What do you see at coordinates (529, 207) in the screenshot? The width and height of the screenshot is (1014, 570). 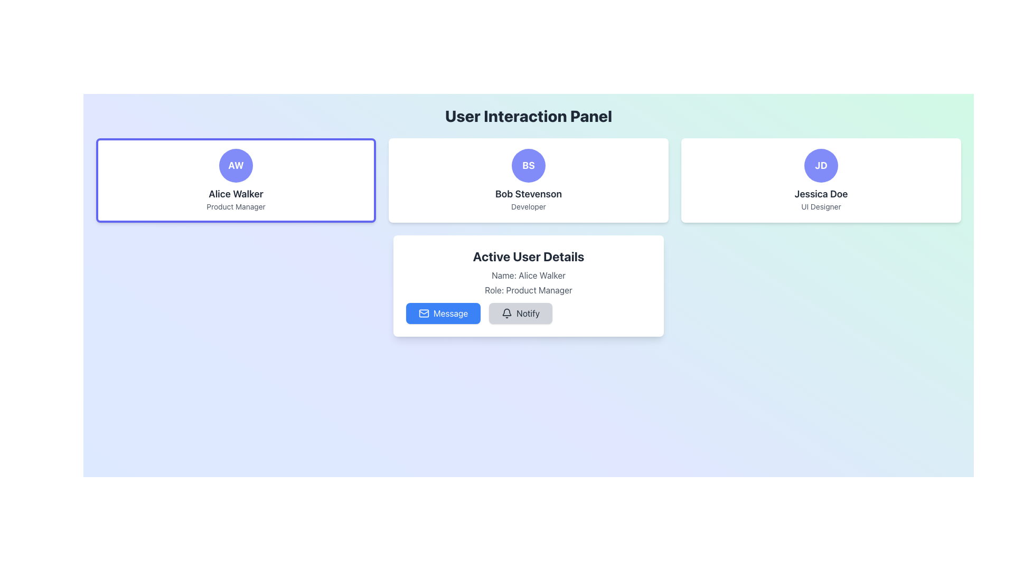 I see `the text label displaying 'Developer', which is styled with a small font and gray color, located below 'Bob Stevenson' in the second user card` at bounding box center [529, 207].